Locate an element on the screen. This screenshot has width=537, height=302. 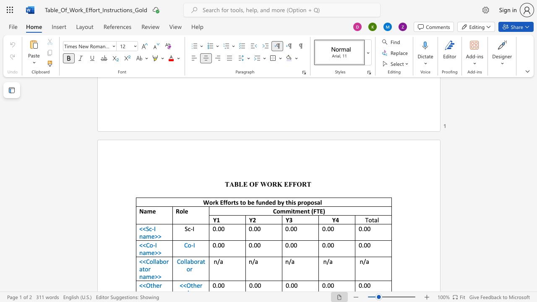
the space between the continuous character "m" and "e" in the text is located at coordinates (151, 236).